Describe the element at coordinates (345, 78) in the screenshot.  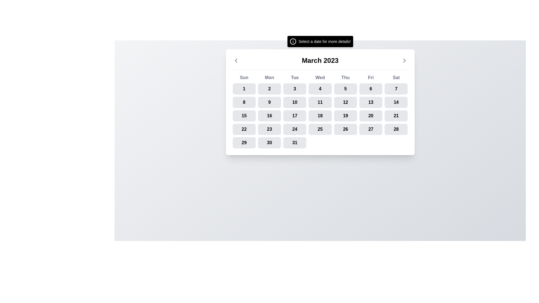
I see `the non-interactive text label indicating Thursday in the calendar header, positioned between Wednesday and Friday` at that location.